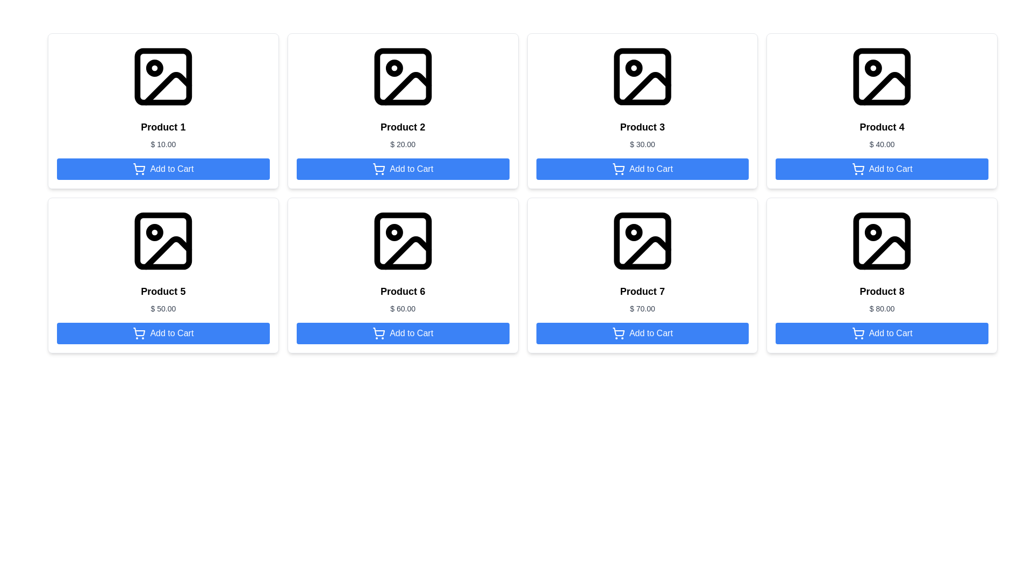 This screenshot has height=580, width=1032. What do you see at coordinates (402, 126) in the screenshot?
I see `the title label for 'Product 2' located in the top row of the card component, which is directly below the image placeholder and above the price and 'Add to Cart' button` at bounding box center [402, 126].